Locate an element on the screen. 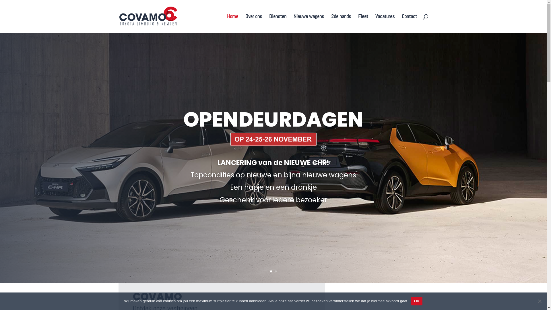 This screenshot has width=551, height=310. '2' is located at coordinates (276, 271).